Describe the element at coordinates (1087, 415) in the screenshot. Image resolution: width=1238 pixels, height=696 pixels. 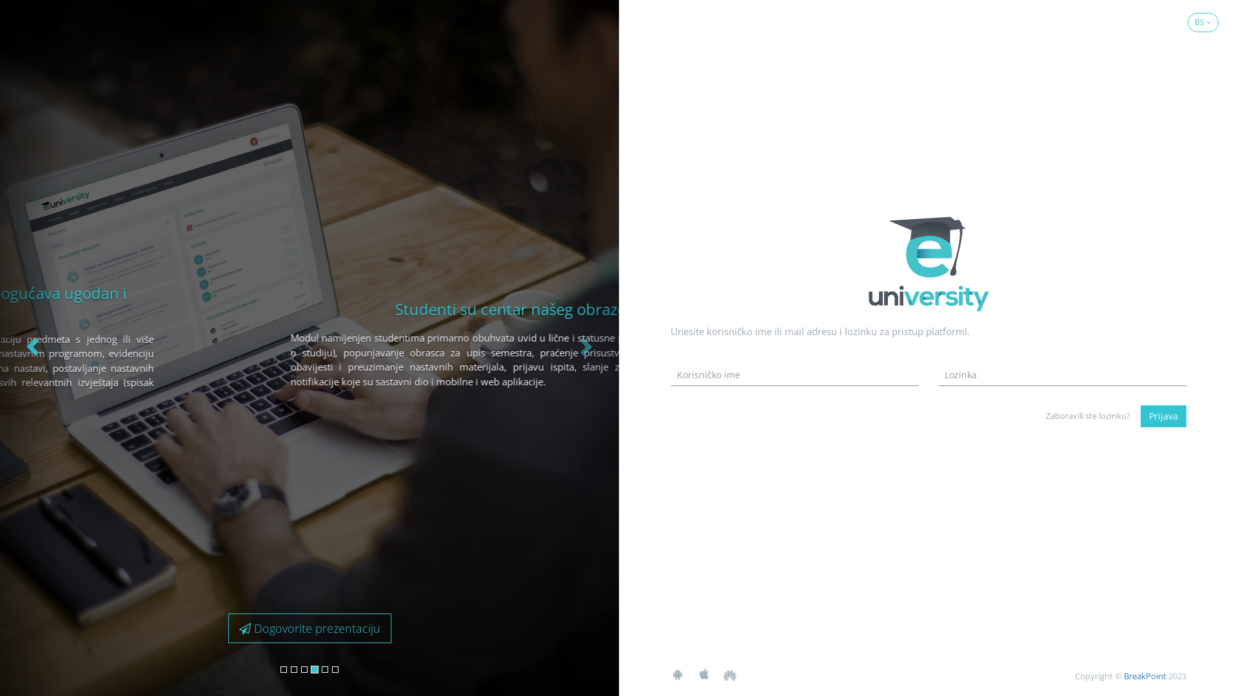
I see `'Zaboravili ste lozinku?'` at that location.